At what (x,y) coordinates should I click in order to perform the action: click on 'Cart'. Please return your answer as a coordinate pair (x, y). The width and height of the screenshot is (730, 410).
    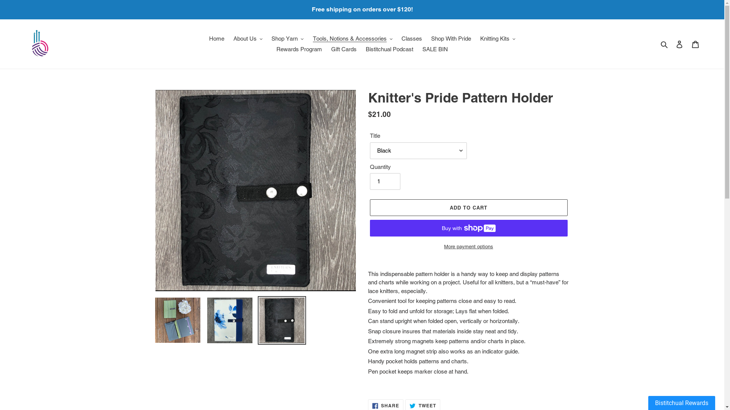
    Looking at the image, I should click on (687, 44).